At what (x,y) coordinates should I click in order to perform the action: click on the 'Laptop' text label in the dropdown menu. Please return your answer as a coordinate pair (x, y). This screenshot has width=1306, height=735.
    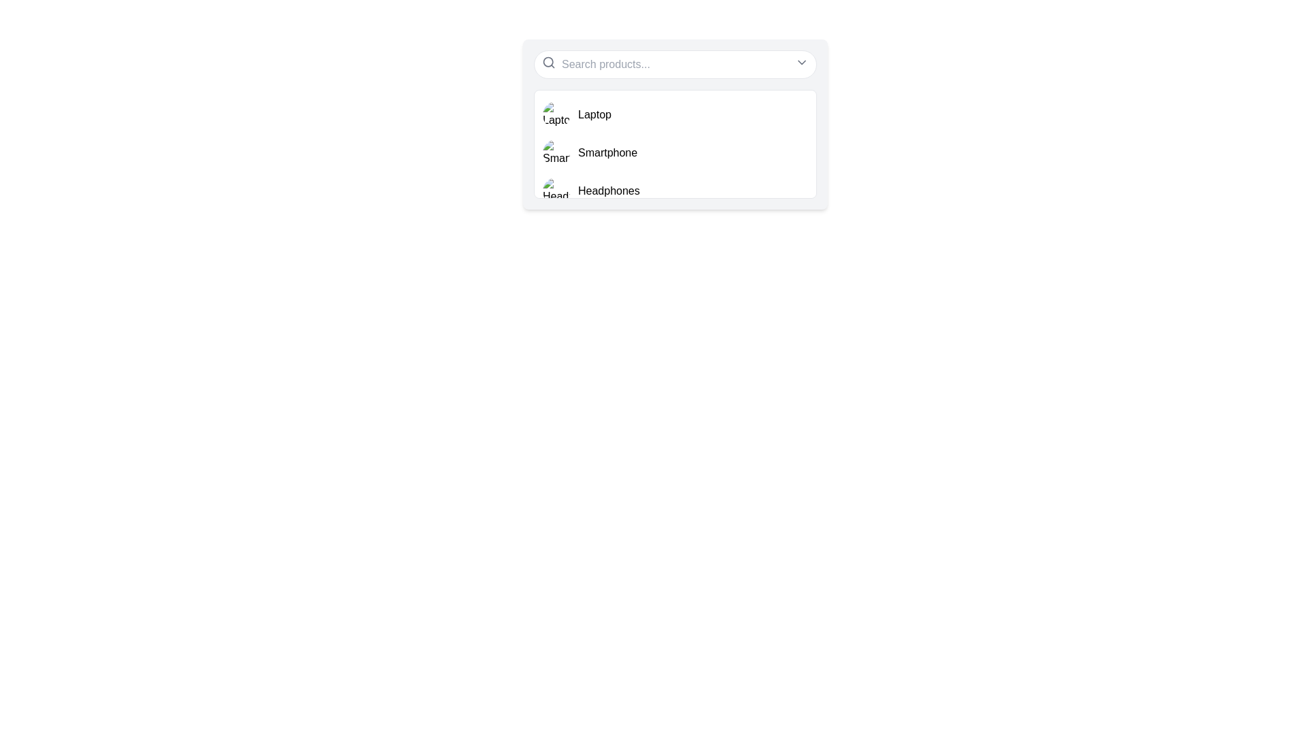
    Looking at the image, I should click on (595, 114).